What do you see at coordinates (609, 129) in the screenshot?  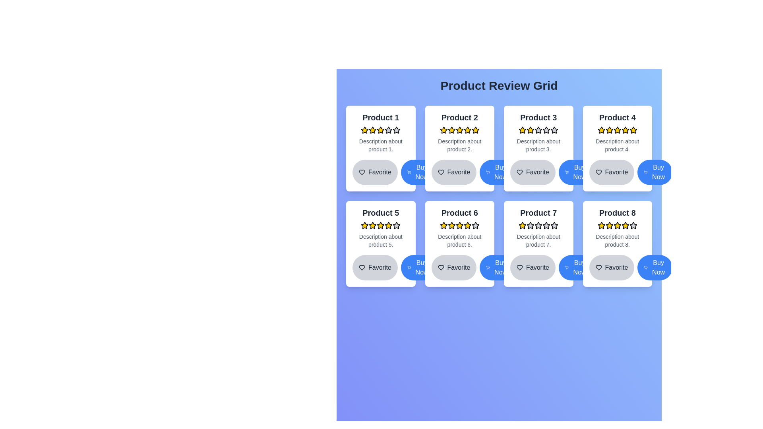 I see `on the fourth star icon in the five-star rating system for 'Product 4'` at bounding box center [609, 129].